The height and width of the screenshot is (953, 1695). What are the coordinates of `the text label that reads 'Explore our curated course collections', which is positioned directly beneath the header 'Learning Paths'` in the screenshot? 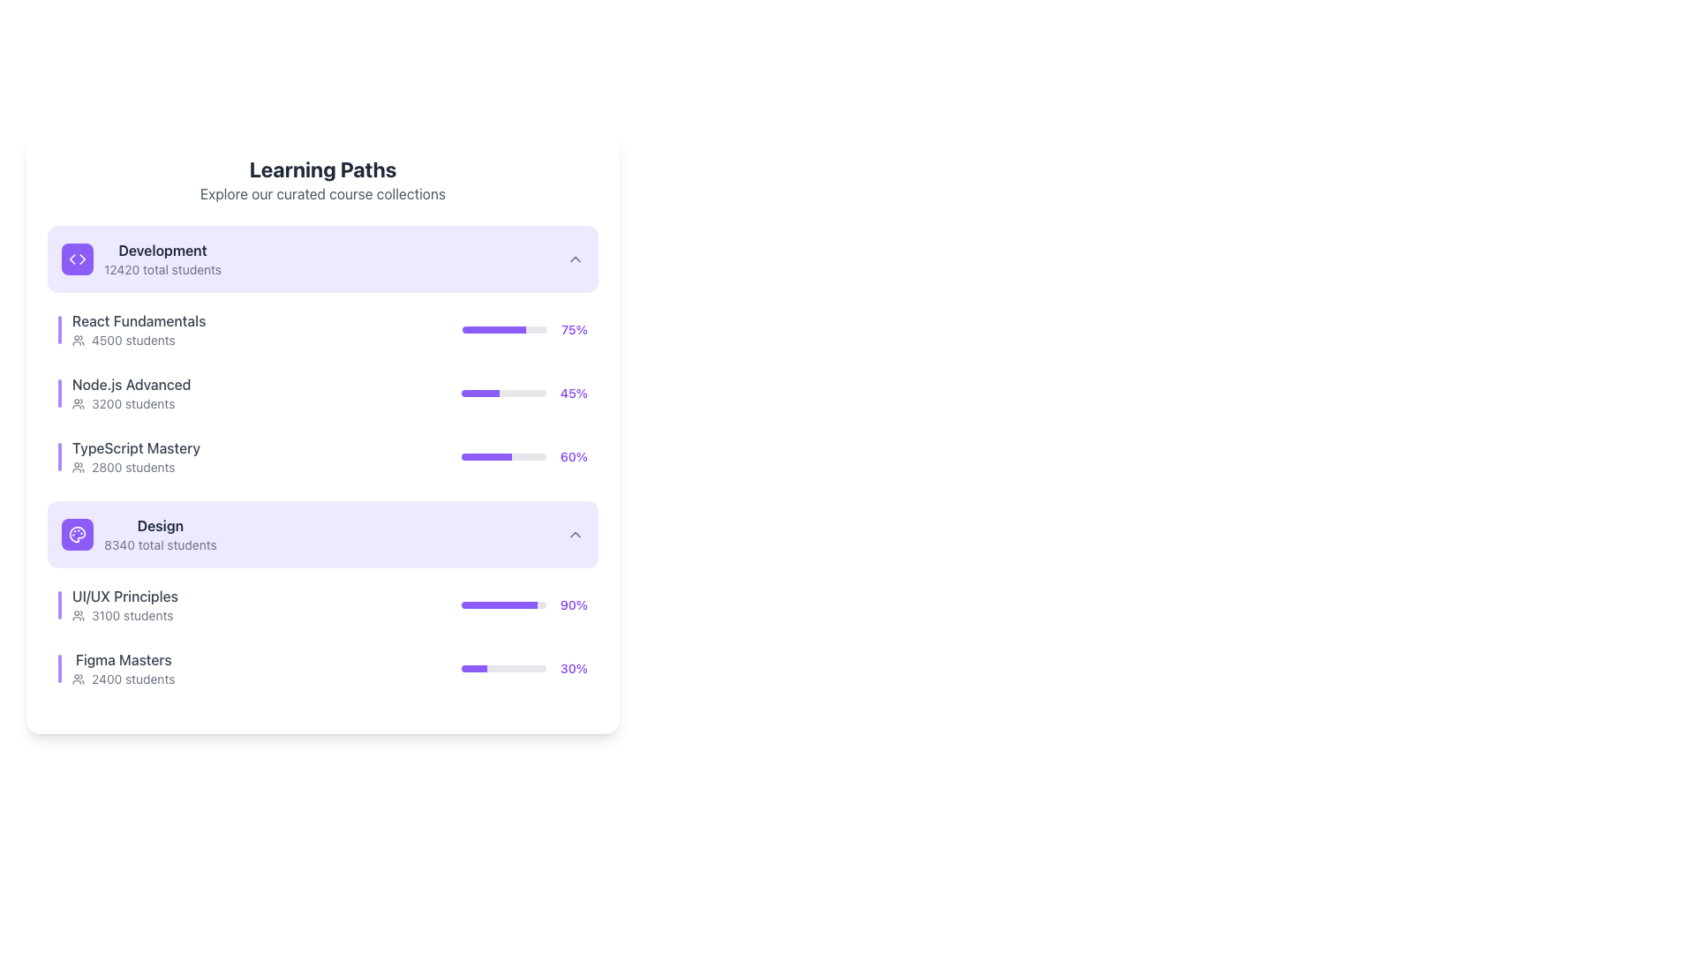 It's located at (322, 193).